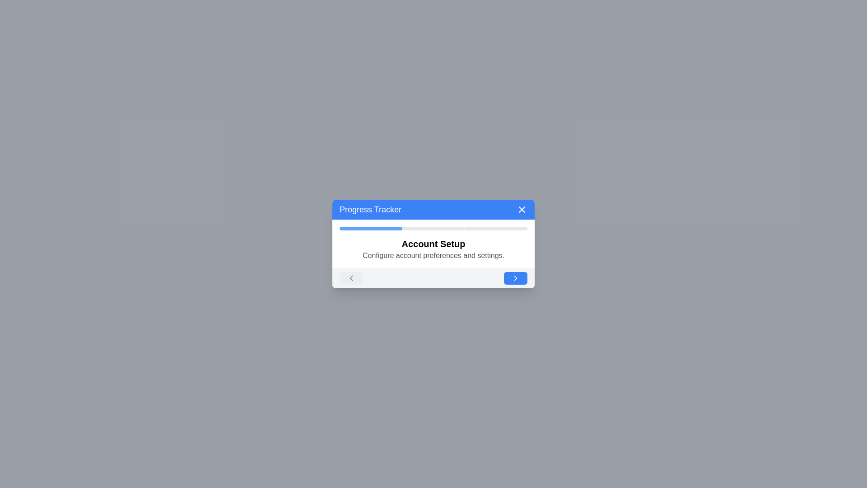  I want to click on the third unfilled segment of the multi-step progress bar, indicating steps yet to be completed in the process, so click(495, 228).